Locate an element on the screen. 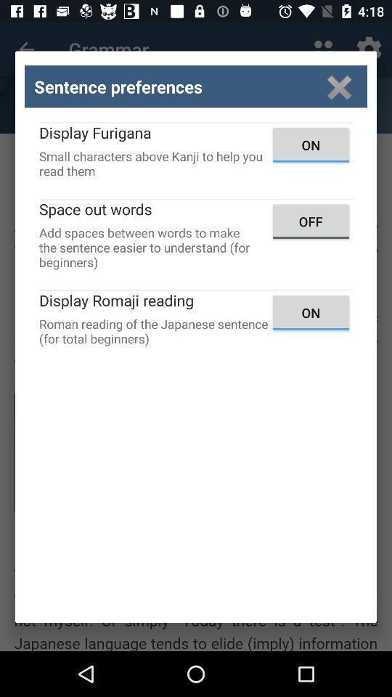 Image resolution: width=392 pixels, height=697 pixels. the off icon is located at coordinates (310, 221).